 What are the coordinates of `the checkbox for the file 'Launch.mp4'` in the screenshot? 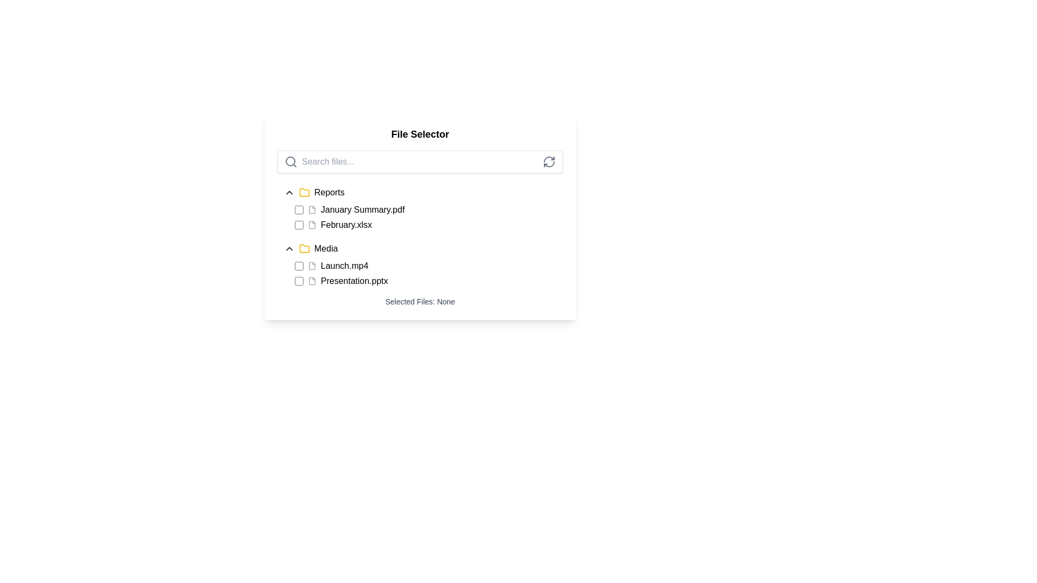 It's located at (299, 266).